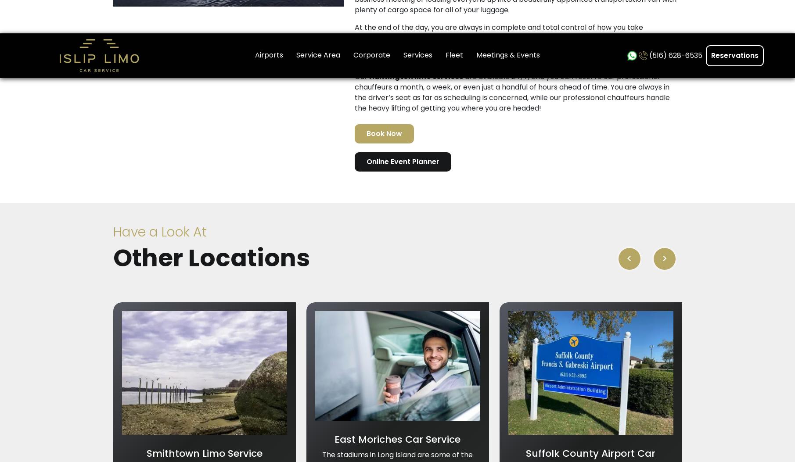  What do you see at coordinates (272, 230) in the screenshot?
I see `'Services'` at bounding box center [272, 230].